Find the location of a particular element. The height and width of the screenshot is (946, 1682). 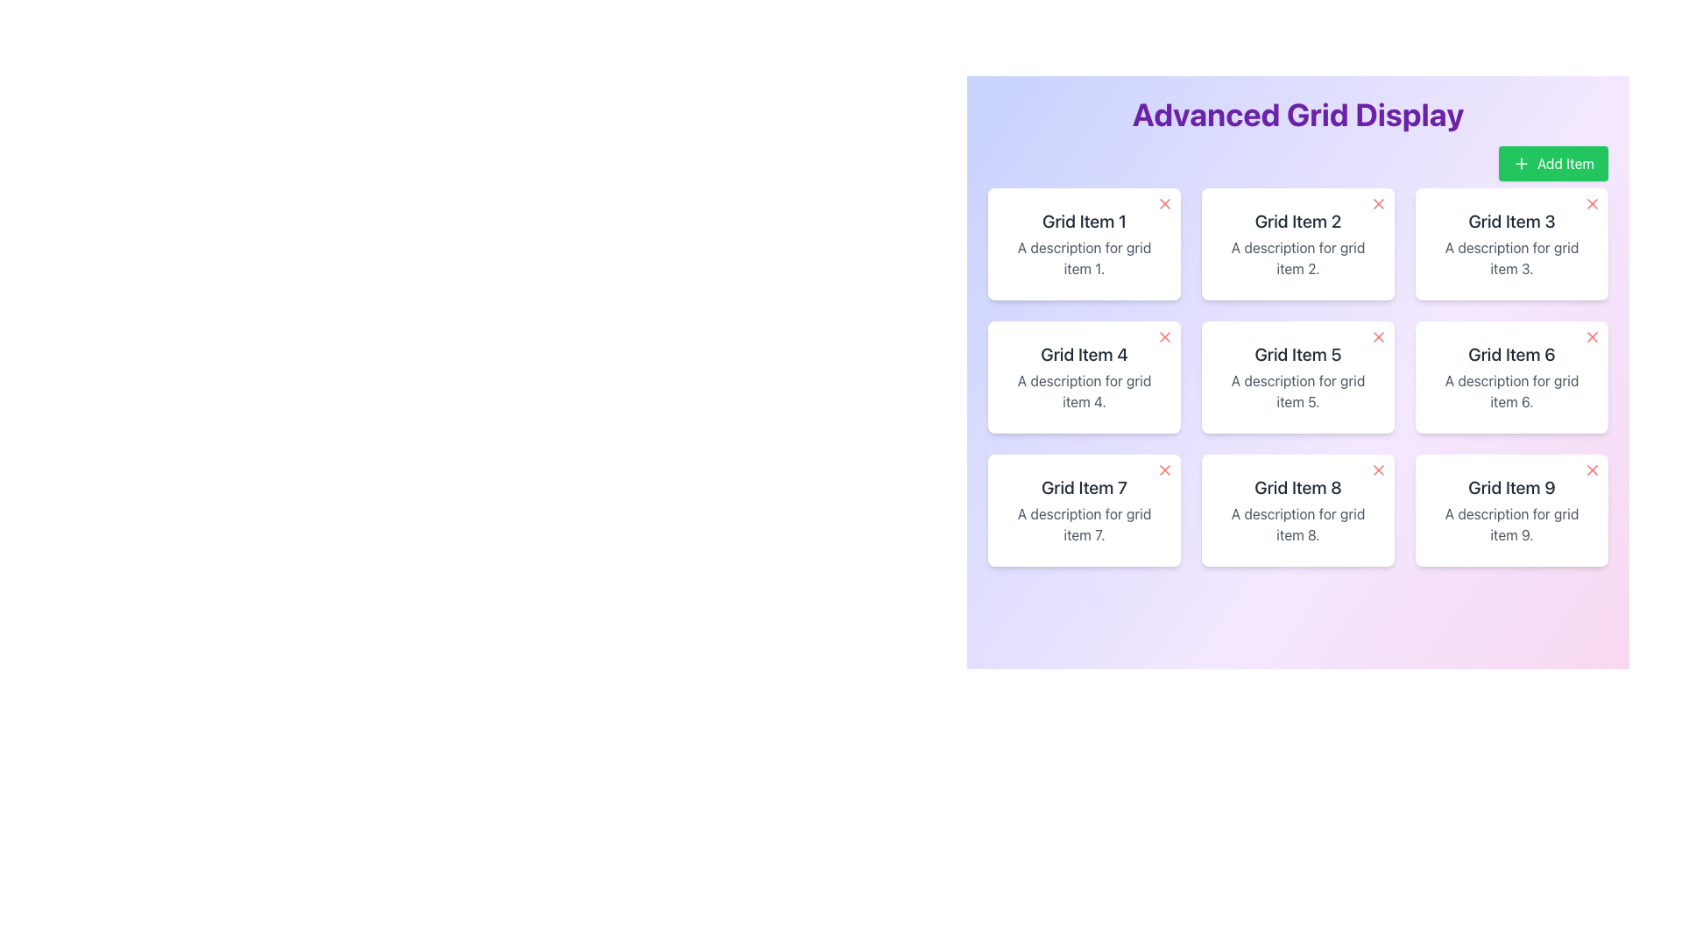

the red 'X' button located in the top-right corner of the 'Grid Item 2' panel is located at coordinates (1378, 202).